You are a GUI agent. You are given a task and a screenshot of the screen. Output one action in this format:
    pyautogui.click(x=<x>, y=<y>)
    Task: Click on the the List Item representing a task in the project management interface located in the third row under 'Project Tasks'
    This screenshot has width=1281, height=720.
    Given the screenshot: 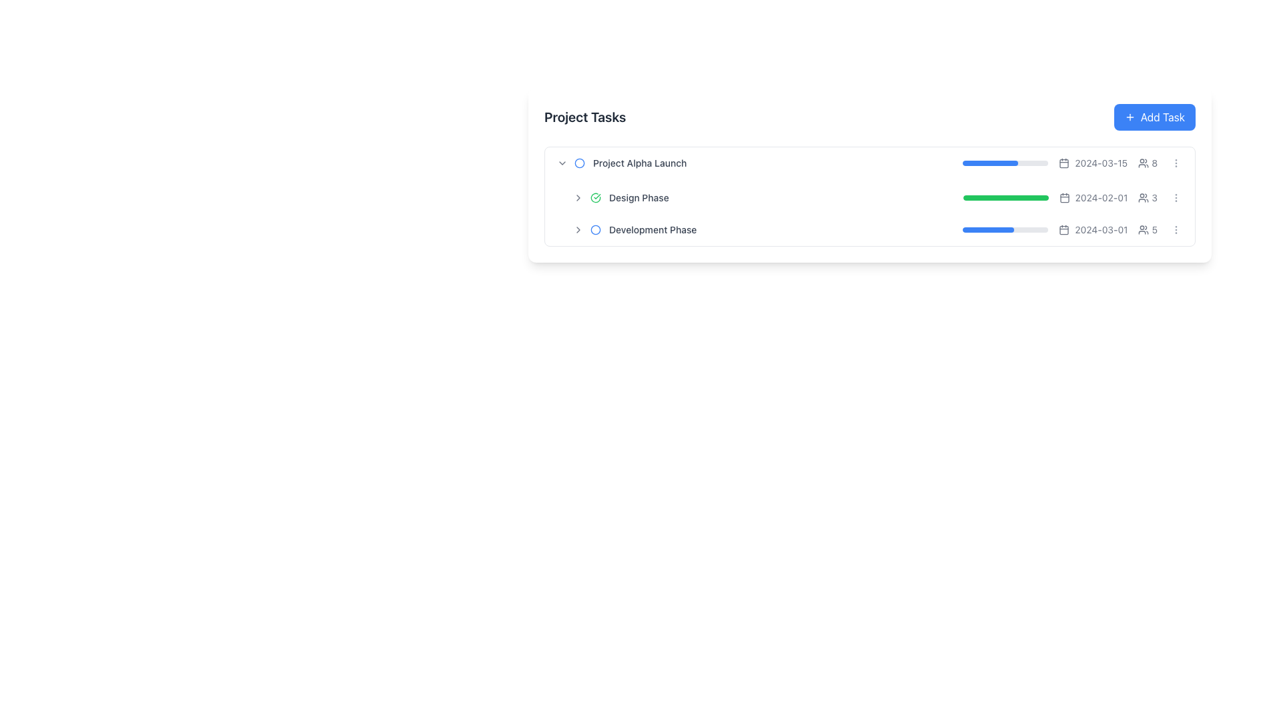 What is the action you would take?
    pyautogui.click(x=877, y=229)
    